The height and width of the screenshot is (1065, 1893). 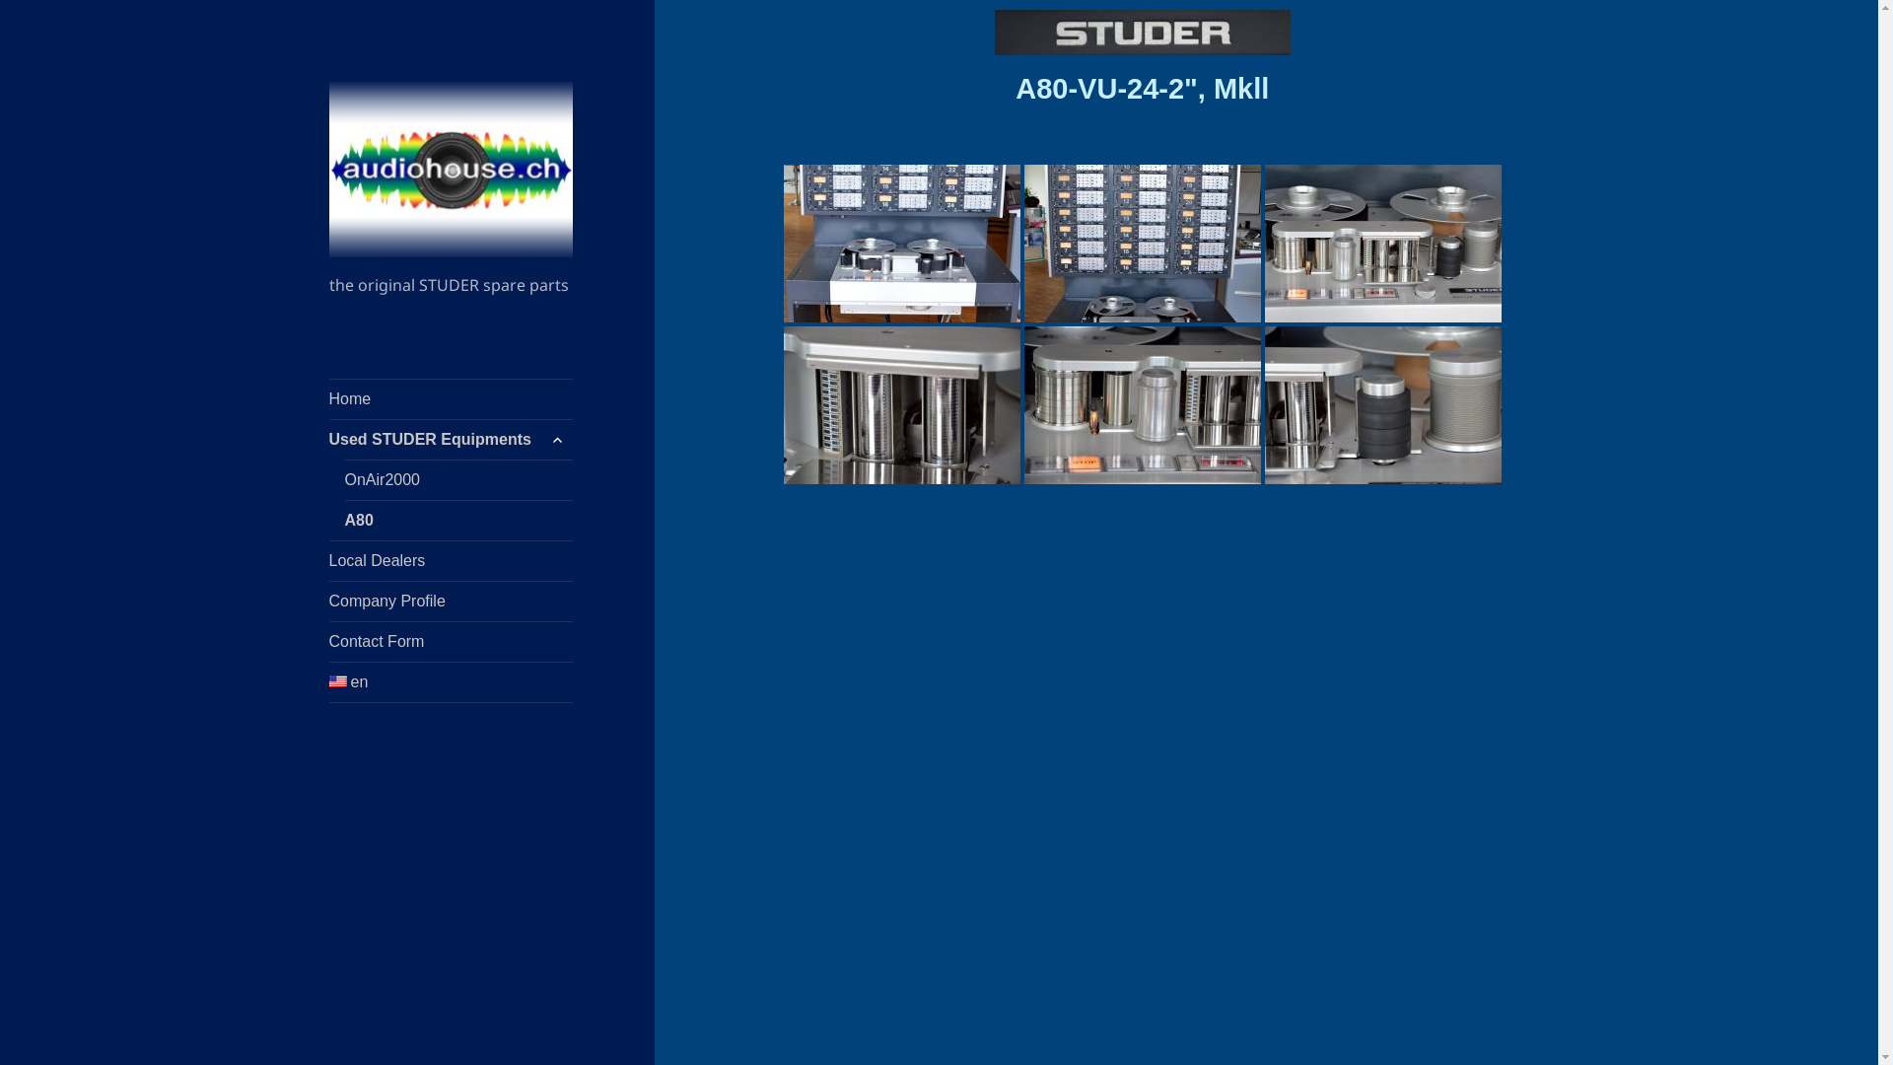 What do you see at coordinates (1142, 404) in the screenshot?
I see `'A80-VU-24-239-4-scaled'` at bounding box center [1142, 404].